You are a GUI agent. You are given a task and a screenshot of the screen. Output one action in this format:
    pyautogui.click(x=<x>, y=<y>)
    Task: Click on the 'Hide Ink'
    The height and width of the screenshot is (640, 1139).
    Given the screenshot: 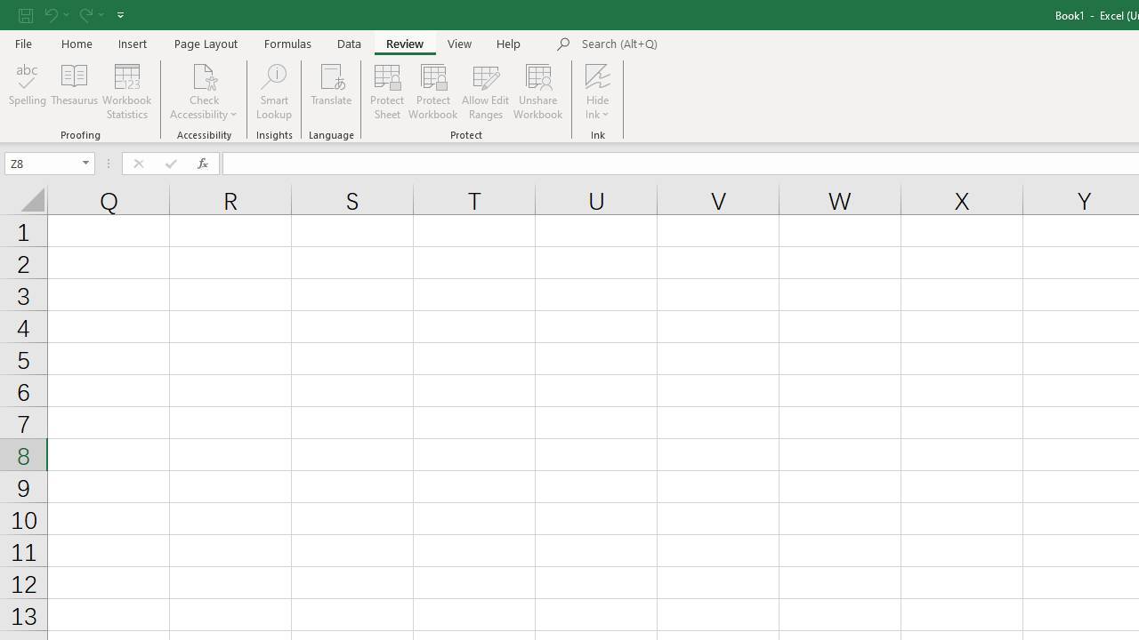 What is the action you would take?
    pyautogui.click(x=598, y=75)
    